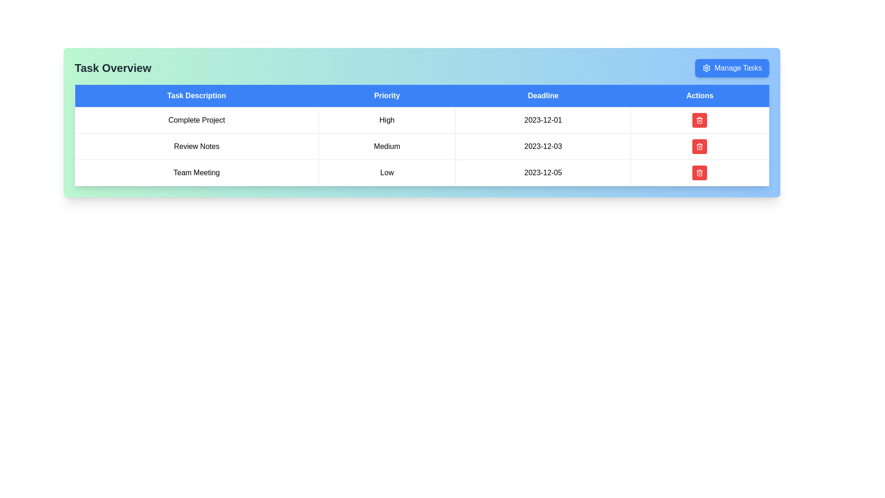 This screenshot has height=498, width=885. Describe the element at coordinates (421, 120) in the screenshot. I see `the first row of the task-related table under the 'Task Overview' section` at that location.